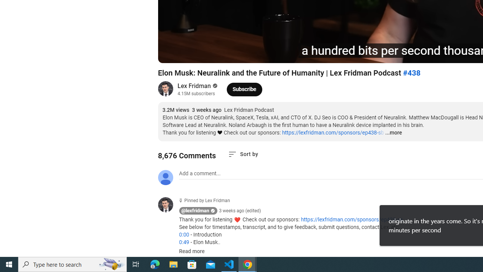 This screenshot has height=272, width=483. I want to click on 'Sort comments', so click(243, 154).